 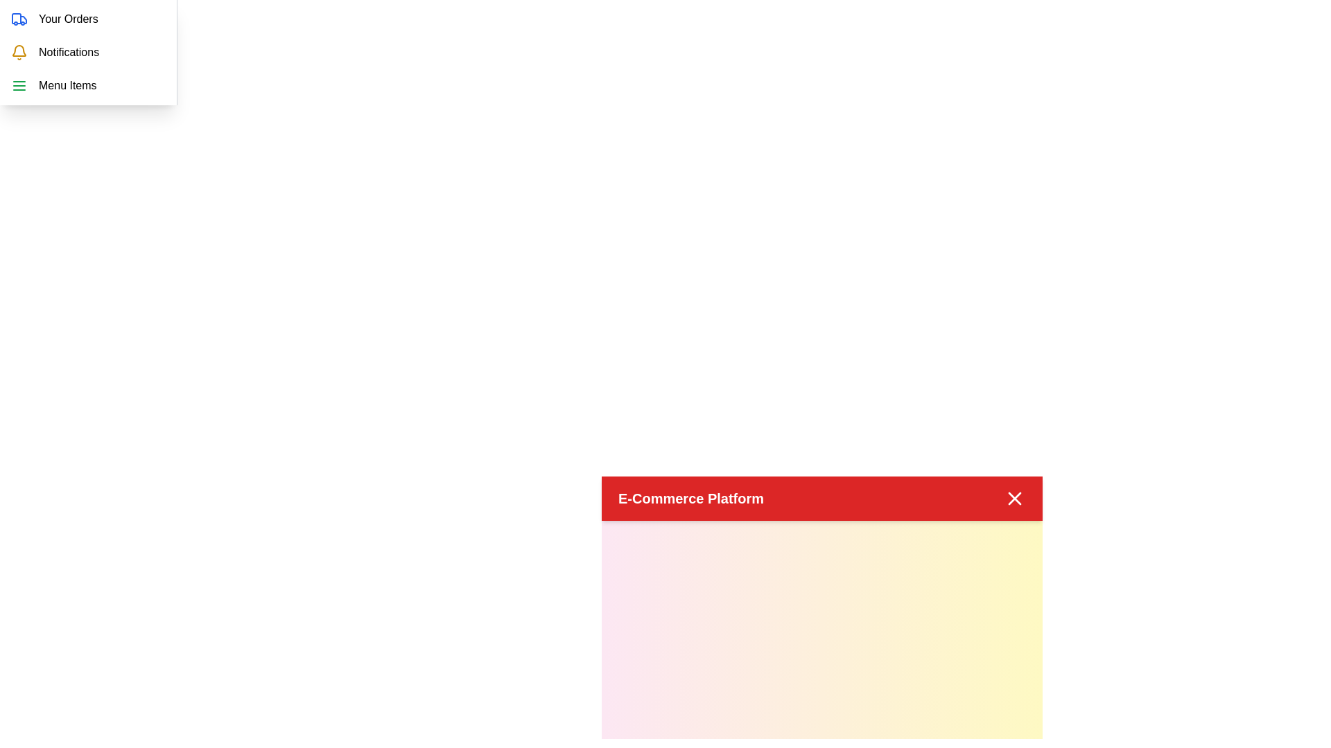 What do you see at coordinates (19, 50) in the screenshot?
I see `the notification bell icon, which is the second item in a vertical list of three elements, positioned below a truck icon and above a menu icon` at bounding box center [19, 50].